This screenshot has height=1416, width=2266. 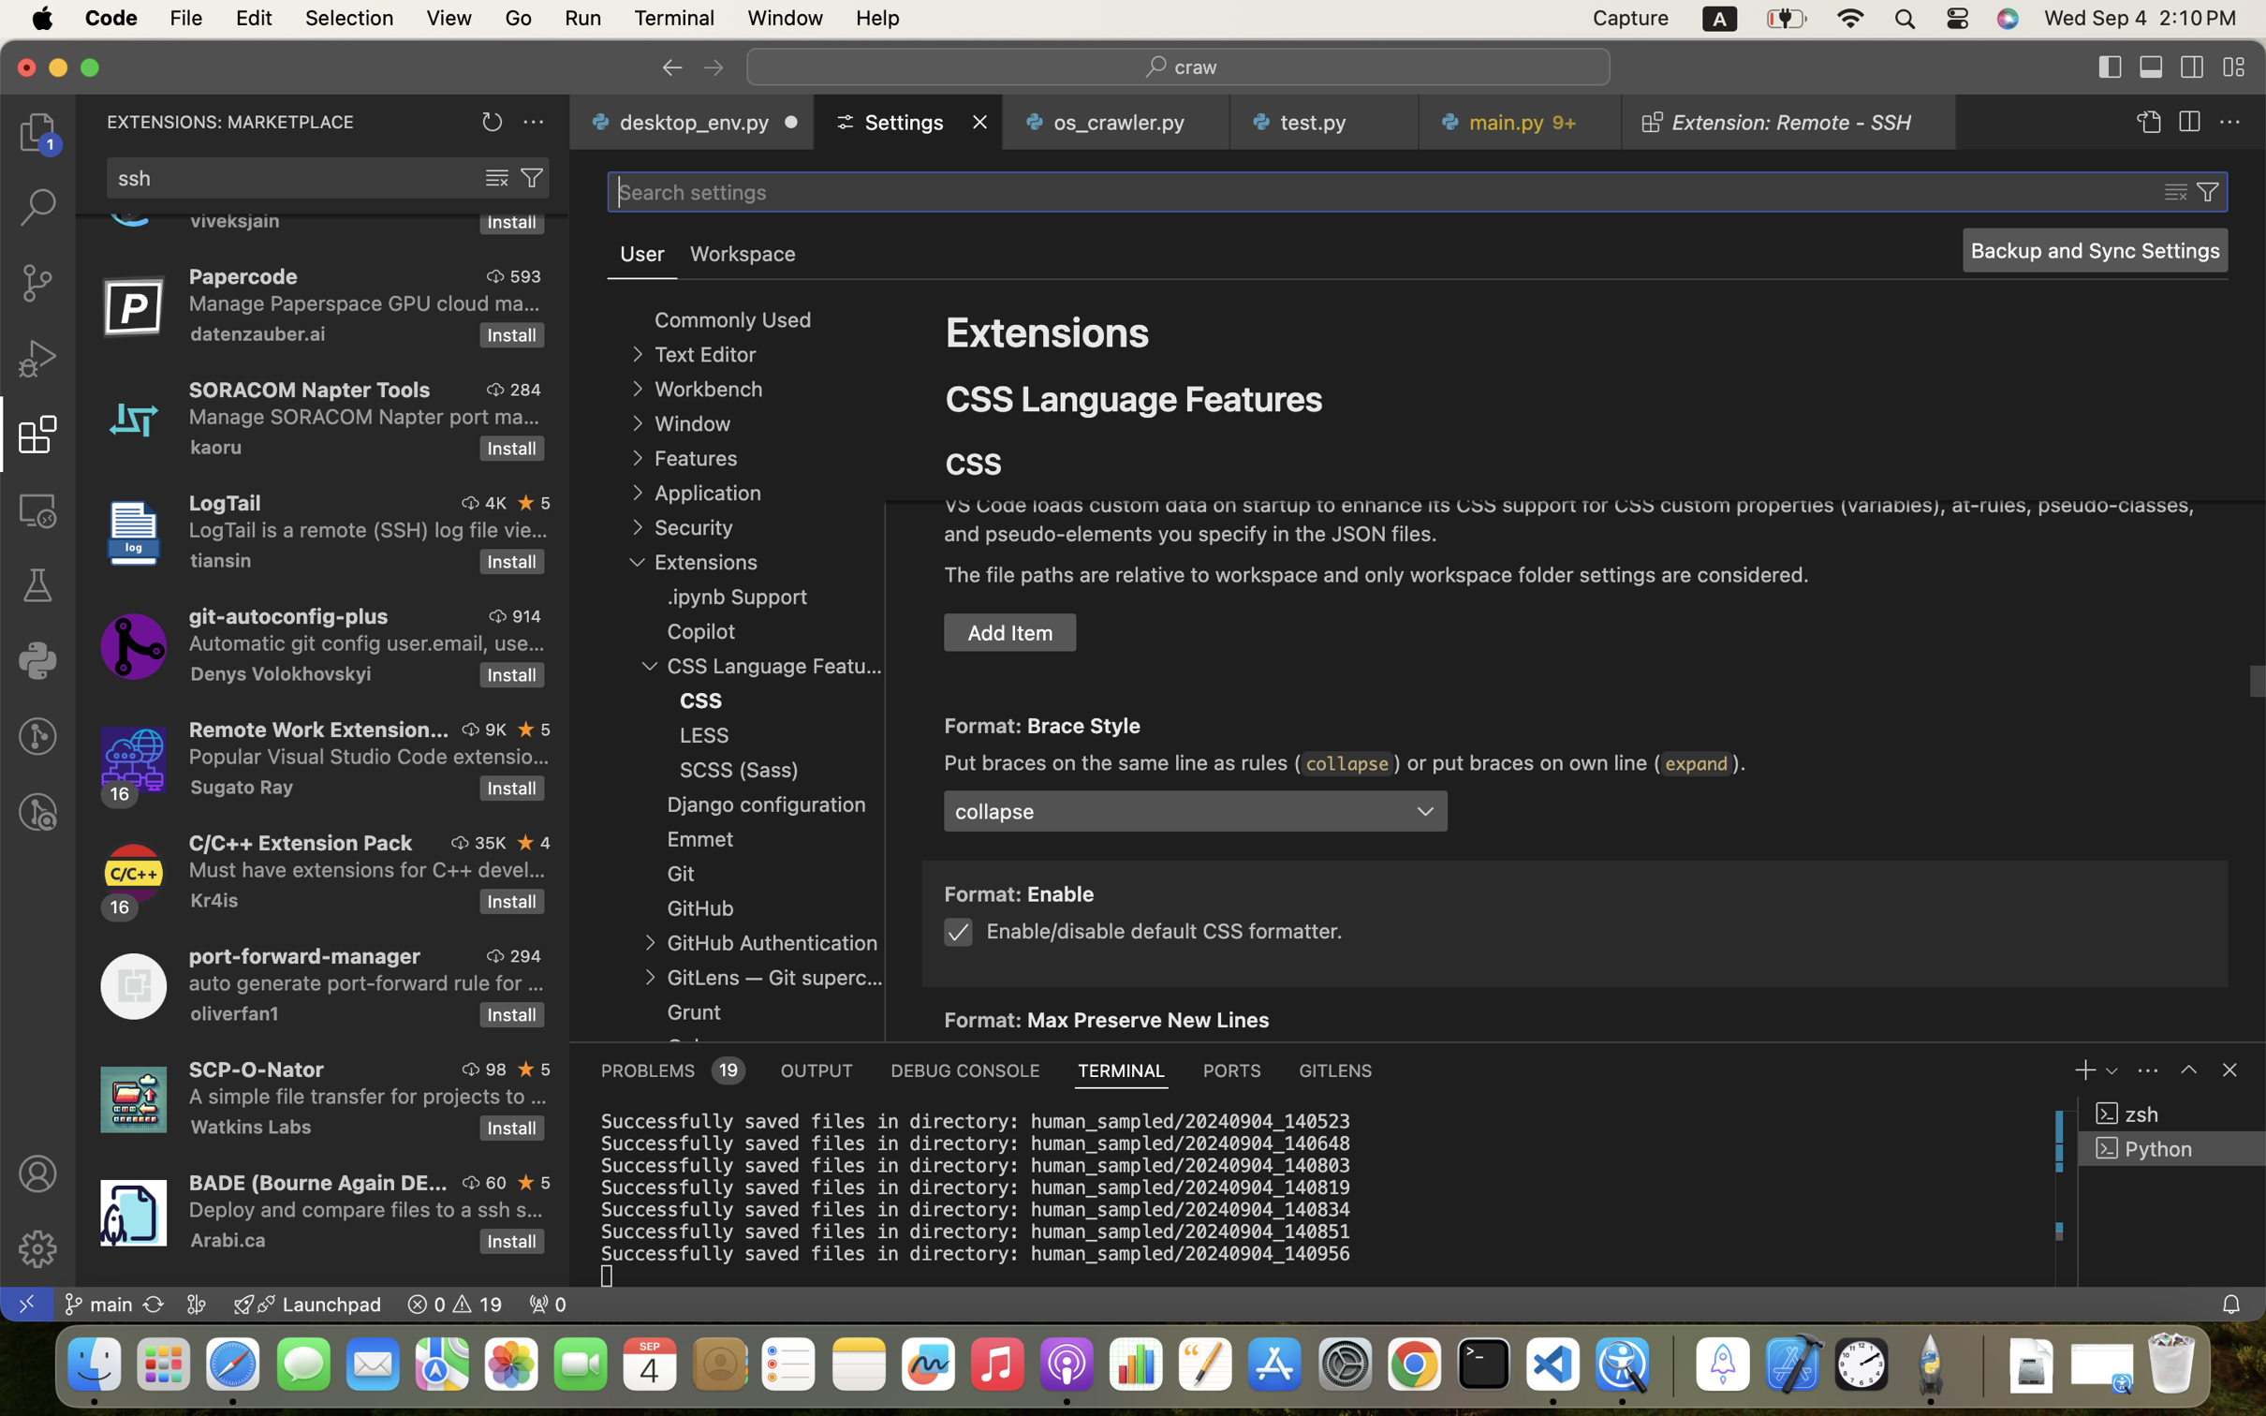 What do you see at coordinates (1520, 121) in the screenshot?
I see `'0 main.py   9+'` at bounding box center [1520, 121].